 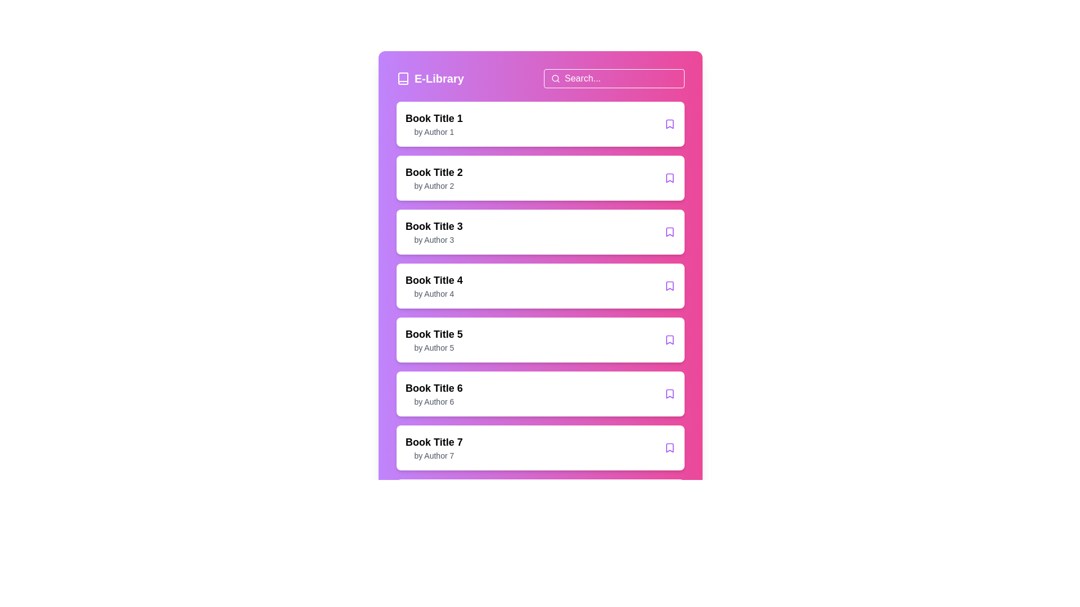 What do you see at coordinates (669, 339) in the screenshot?
I see `the bookmark icon located at the rightmost end of the row for 'Book Title 5'` at bounding box center [669, 339].